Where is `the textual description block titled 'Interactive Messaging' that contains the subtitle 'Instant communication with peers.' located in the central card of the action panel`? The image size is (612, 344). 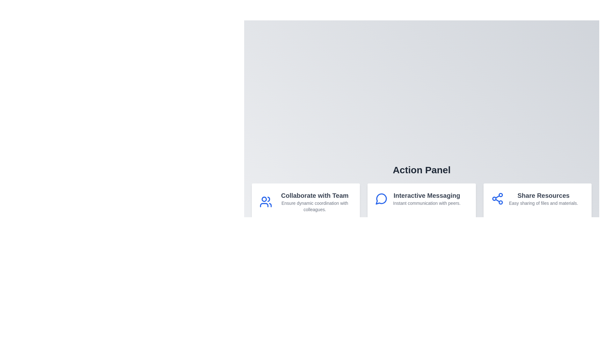 the textual description block titled 'Interactive Messaging' that contains the subtitle 'Instant communication with peers.' located in the central card of the action panel is located at coordinates (427, 198).